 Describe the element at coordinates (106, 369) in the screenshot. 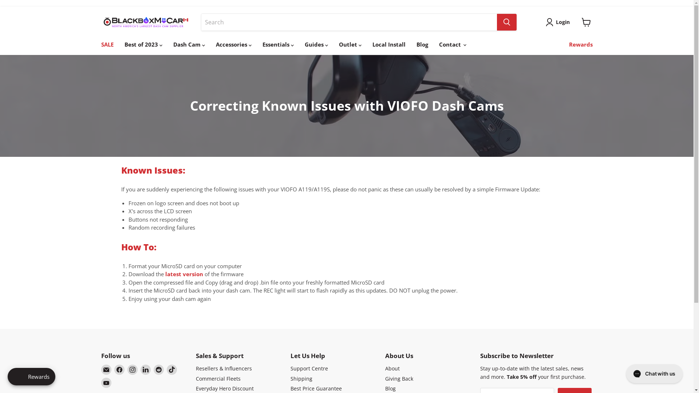

I see `'Email BlackboxMyCar Canada'` at that location.